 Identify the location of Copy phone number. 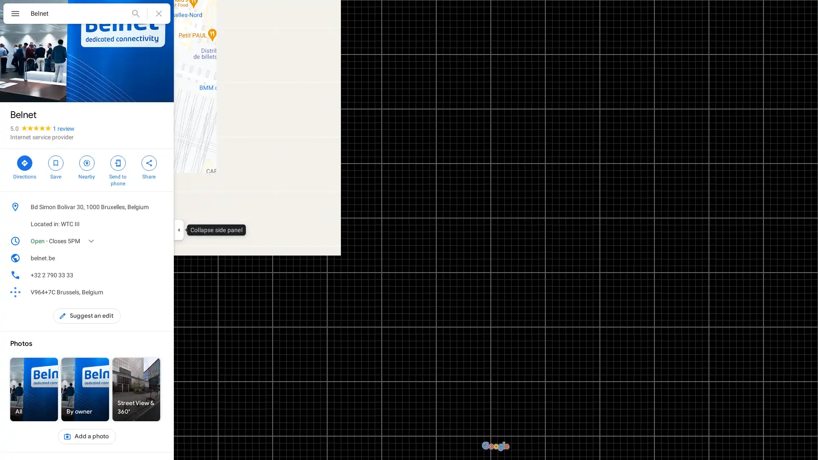
(147, 275).